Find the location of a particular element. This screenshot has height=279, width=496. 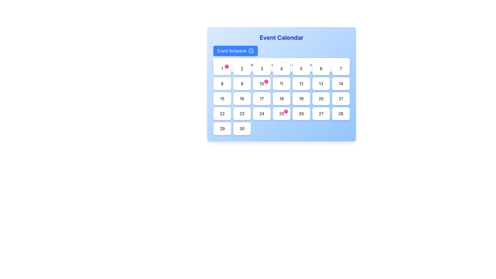

the non-interactive calendar date cell representing the 28th day, located in the seventh column and fourth row of the calendar interface is located at coordinates (341, 113).